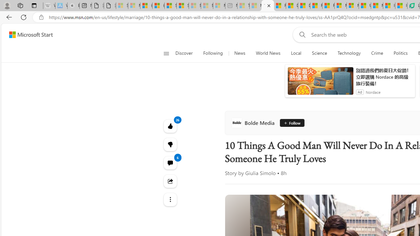 The height and width of the screenshot is (236, 420). What do you see at coordinates (28, 34) in the screenshot?
I see `'Skip to content'` at bounding box center [28, 34].